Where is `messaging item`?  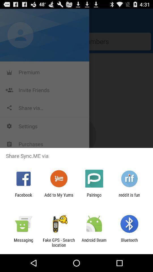 messaging item is located at coordinates (23, 242).